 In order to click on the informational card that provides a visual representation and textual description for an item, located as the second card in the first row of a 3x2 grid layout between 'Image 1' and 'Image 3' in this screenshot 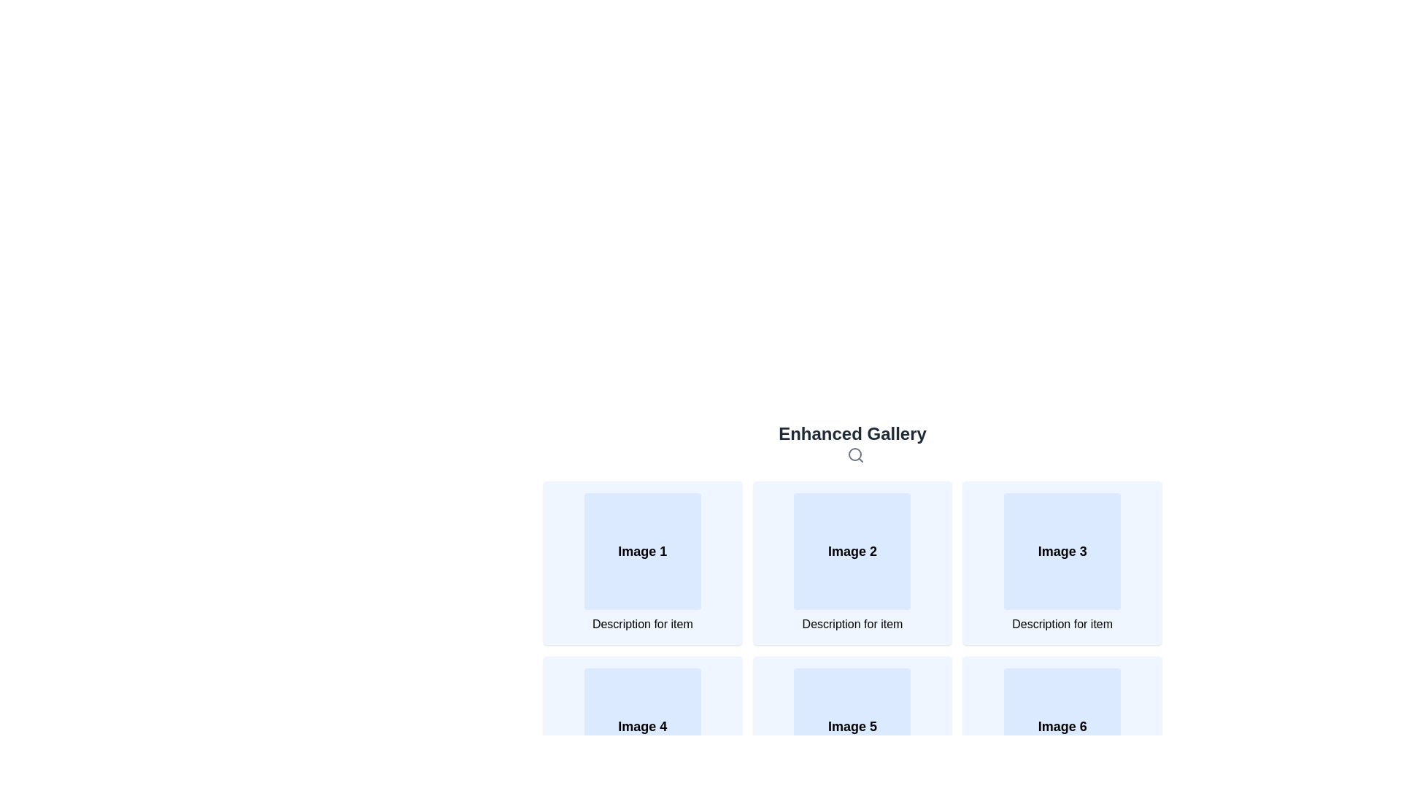, I will do `click(852, 562)`.